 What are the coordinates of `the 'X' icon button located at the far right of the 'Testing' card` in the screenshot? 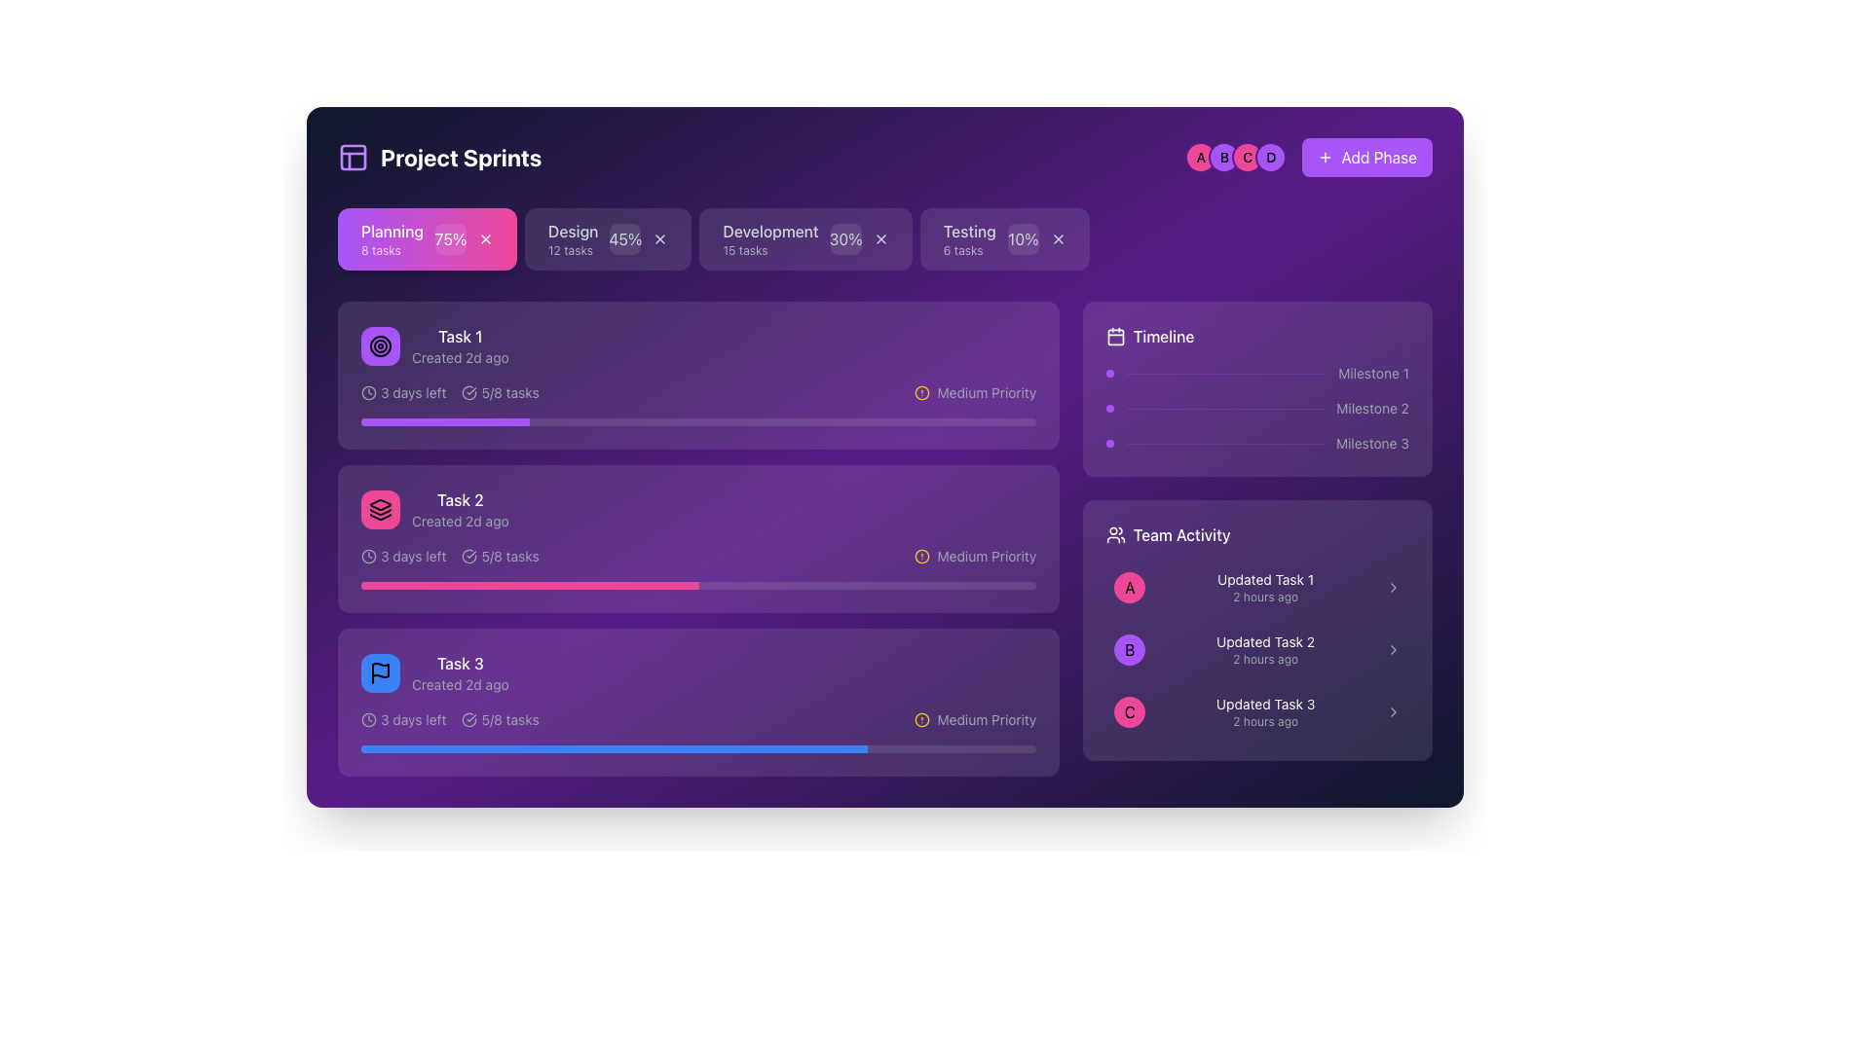 It's located at (1057, 238).